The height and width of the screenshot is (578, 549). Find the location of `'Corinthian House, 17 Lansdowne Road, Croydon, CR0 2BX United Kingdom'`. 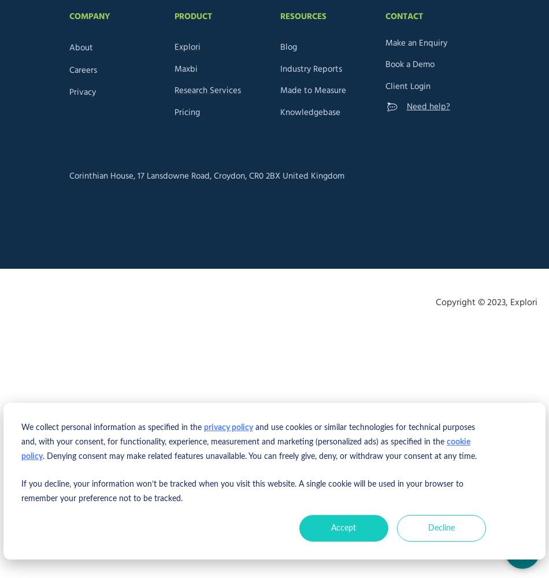

'Corinthian House, 17 Lansdowne Road, Croydon, CR0 2BX United Kingdom' is located at coordinates (206, 176).